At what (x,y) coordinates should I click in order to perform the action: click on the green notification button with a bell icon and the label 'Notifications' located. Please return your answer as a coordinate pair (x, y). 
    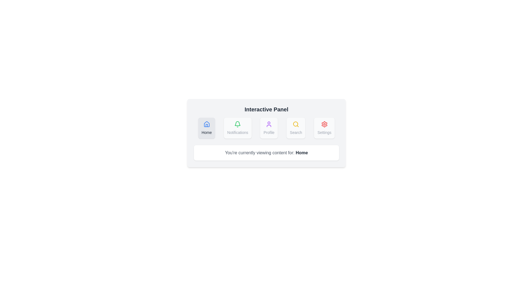
    Looking at the image, I should click on (238, 128).